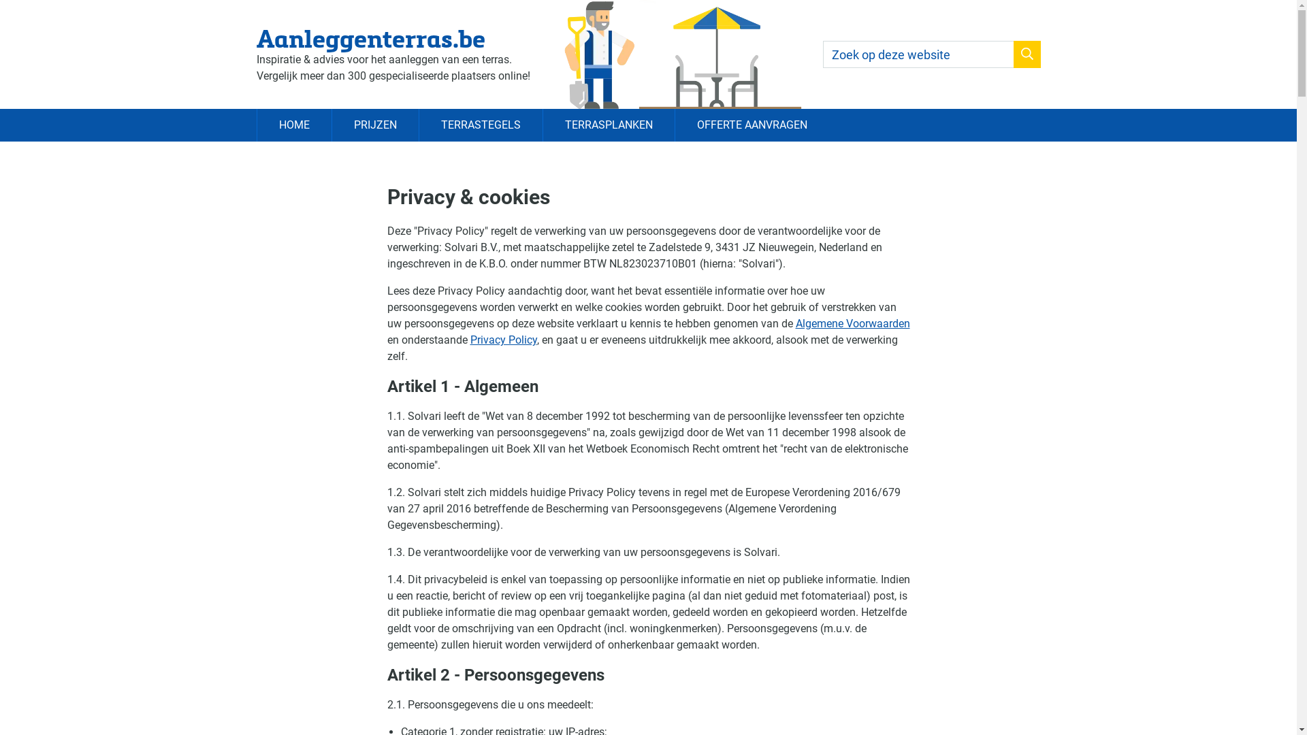 The image size is (1307, 735). I want to click on 'OFFERTE AANVRAGEN', so click(750, 125).